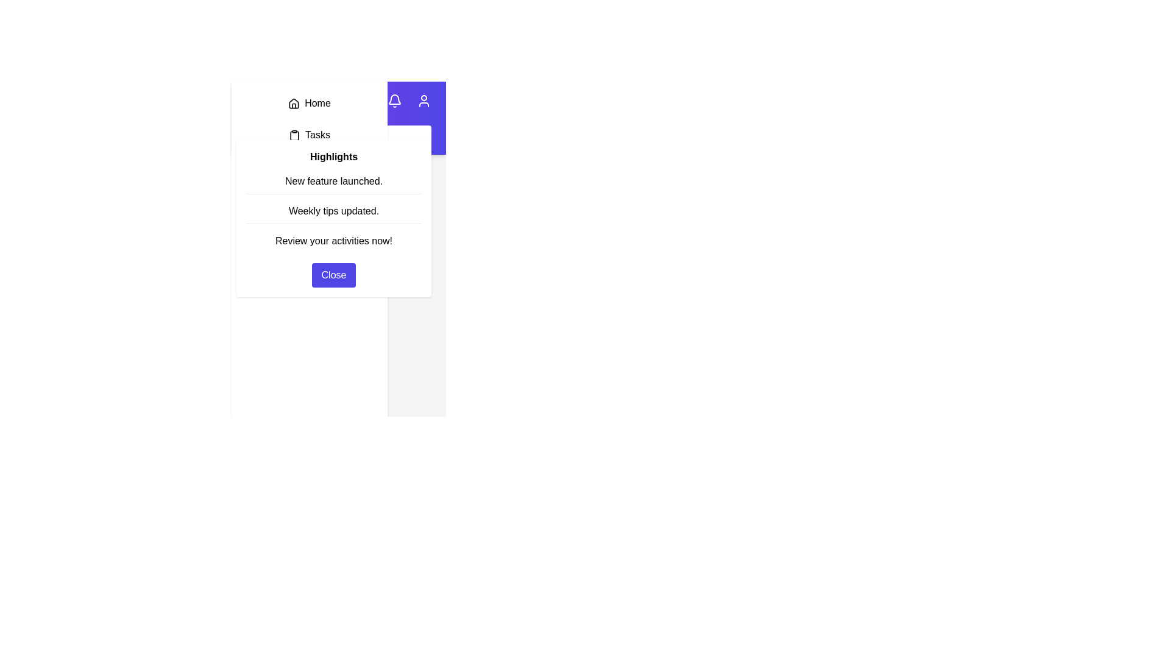 The height and width of the screenshot is (658, 1170). What do you see at coordinates (310, 150) in the screenshot?
I see `the 'Highlights' text label in the side menu for further actions` at bounding box center [310, 150].